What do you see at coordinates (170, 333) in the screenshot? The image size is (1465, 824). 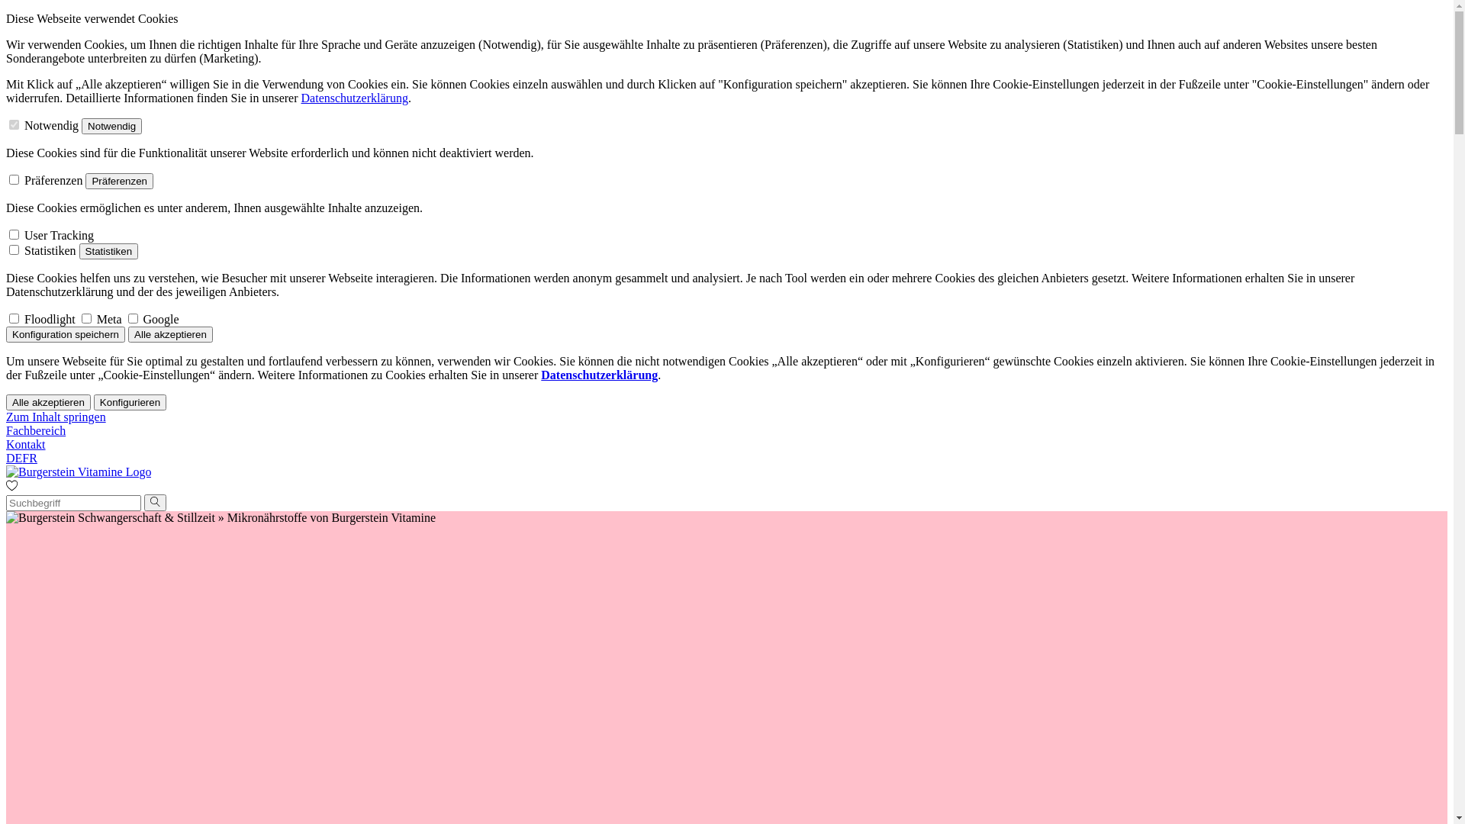 I see `'Alle akzeptieren'` at bounding box center [170, 333].